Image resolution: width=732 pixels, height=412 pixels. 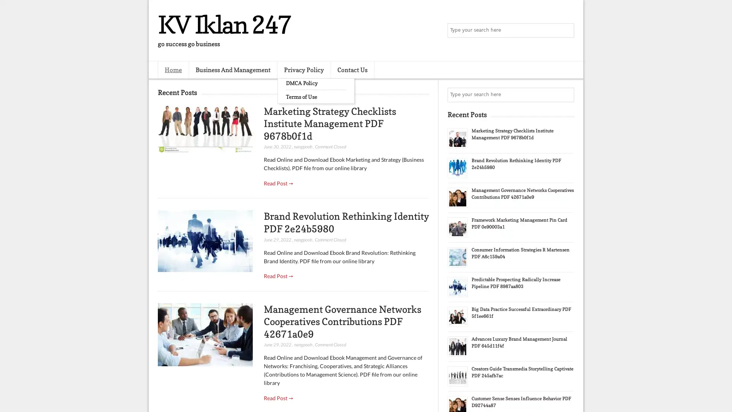 What do you see at coordinates (566, 31) in the screenshot?
I see `Search` at bounding box center [566, 31].